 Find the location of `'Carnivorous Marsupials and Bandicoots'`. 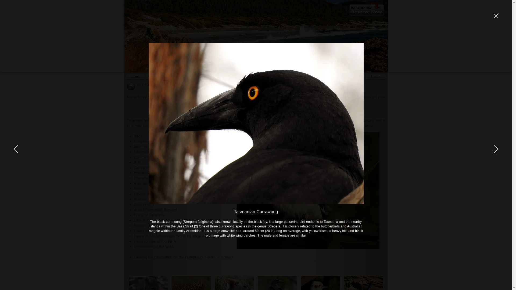

'Carnivorous Marsupials and Bandicoots' is located at coordinates (166, 167).